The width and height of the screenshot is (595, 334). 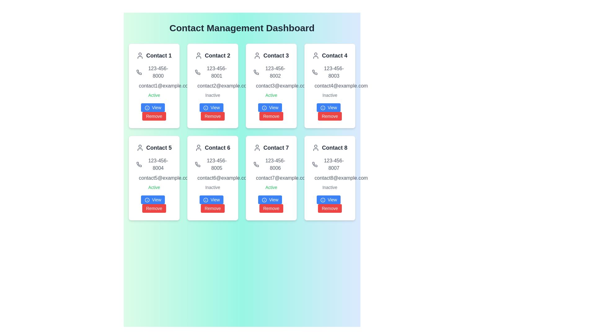 I want to click on email address 'contact4@example.com' displayed in medium-gray font within the contact card for 'Contact 4', so click(x=329, y=86).